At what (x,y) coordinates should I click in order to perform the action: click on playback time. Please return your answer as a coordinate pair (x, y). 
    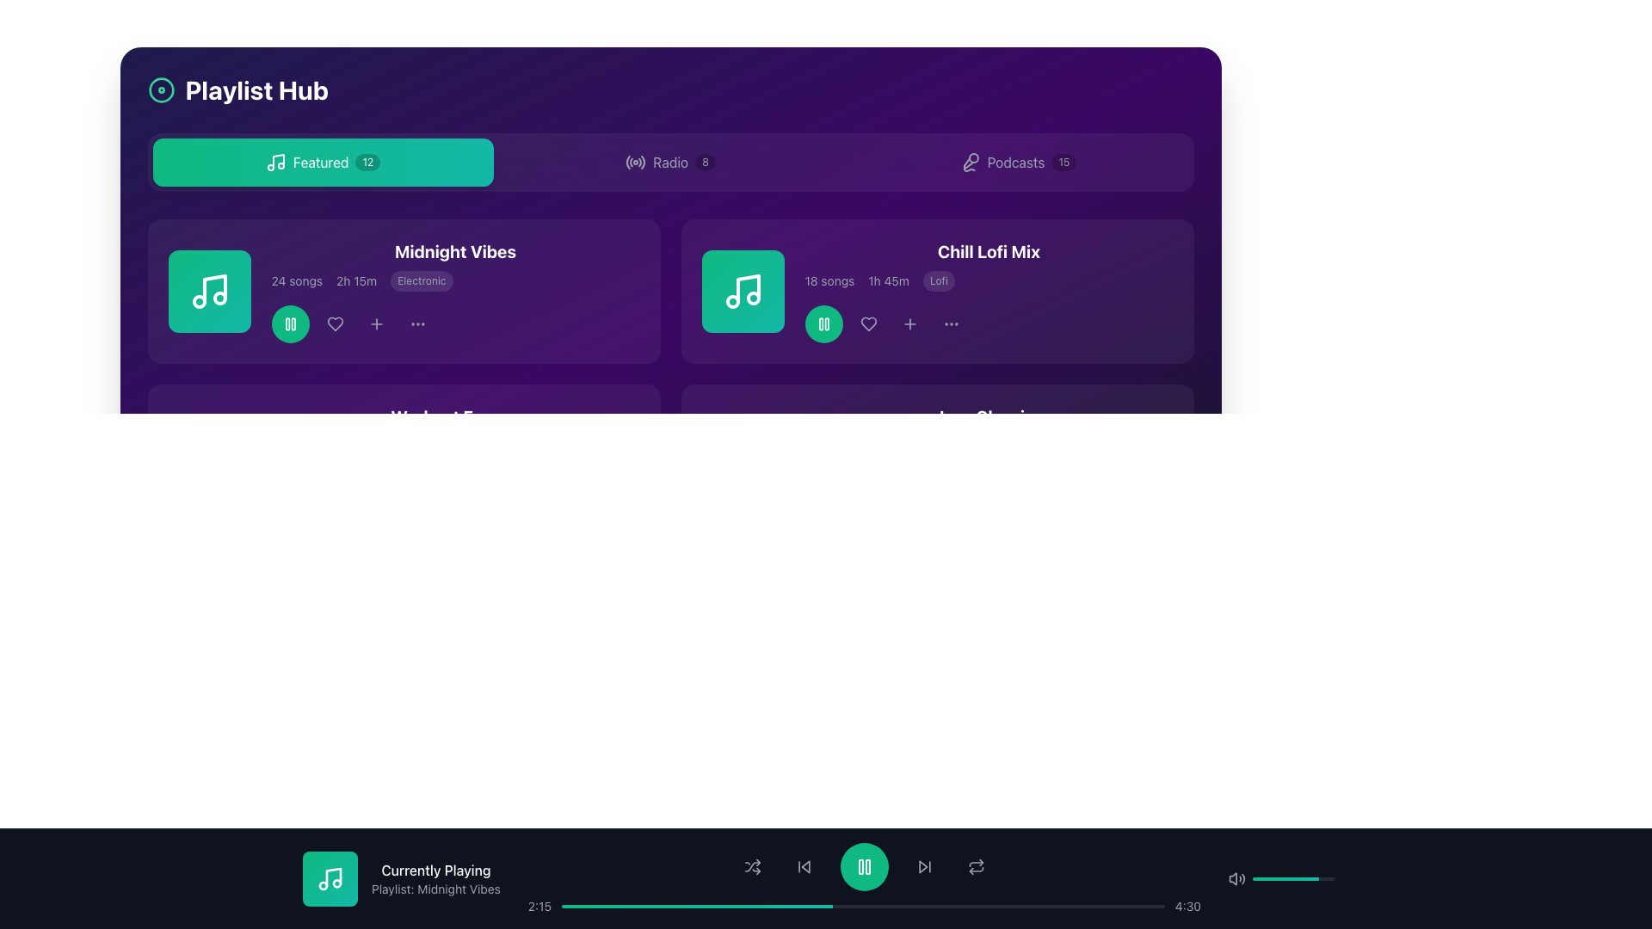
    Looking at the image, I should click on (655, 905).